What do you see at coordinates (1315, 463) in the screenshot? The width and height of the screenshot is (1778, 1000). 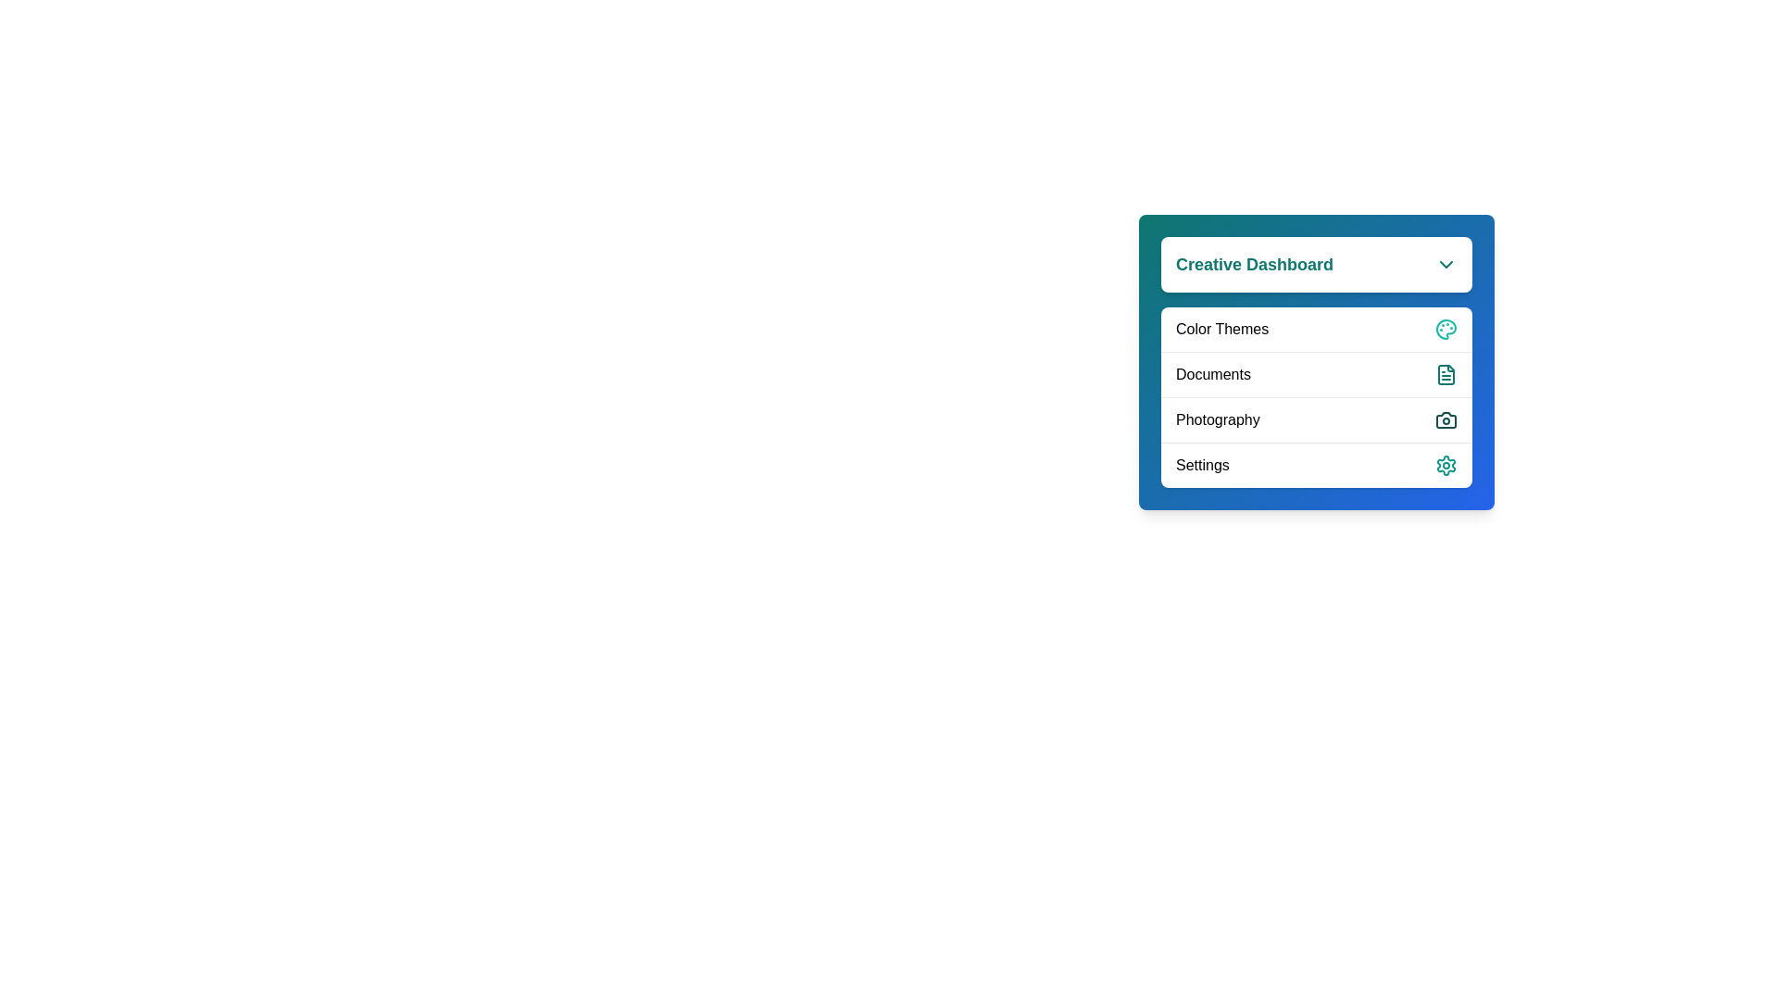 I see `the 'Settings' menu option to select it` at bounding box center [1315, 463].